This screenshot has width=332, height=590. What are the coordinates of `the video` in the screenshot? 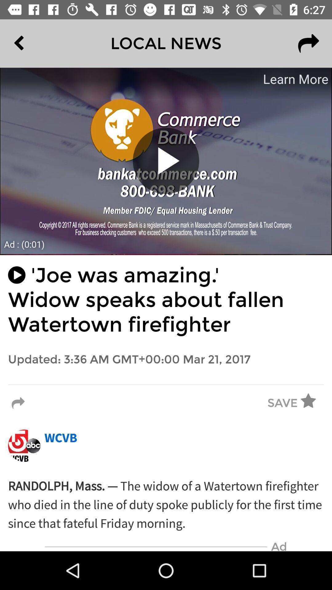 It's located at (166, 161).